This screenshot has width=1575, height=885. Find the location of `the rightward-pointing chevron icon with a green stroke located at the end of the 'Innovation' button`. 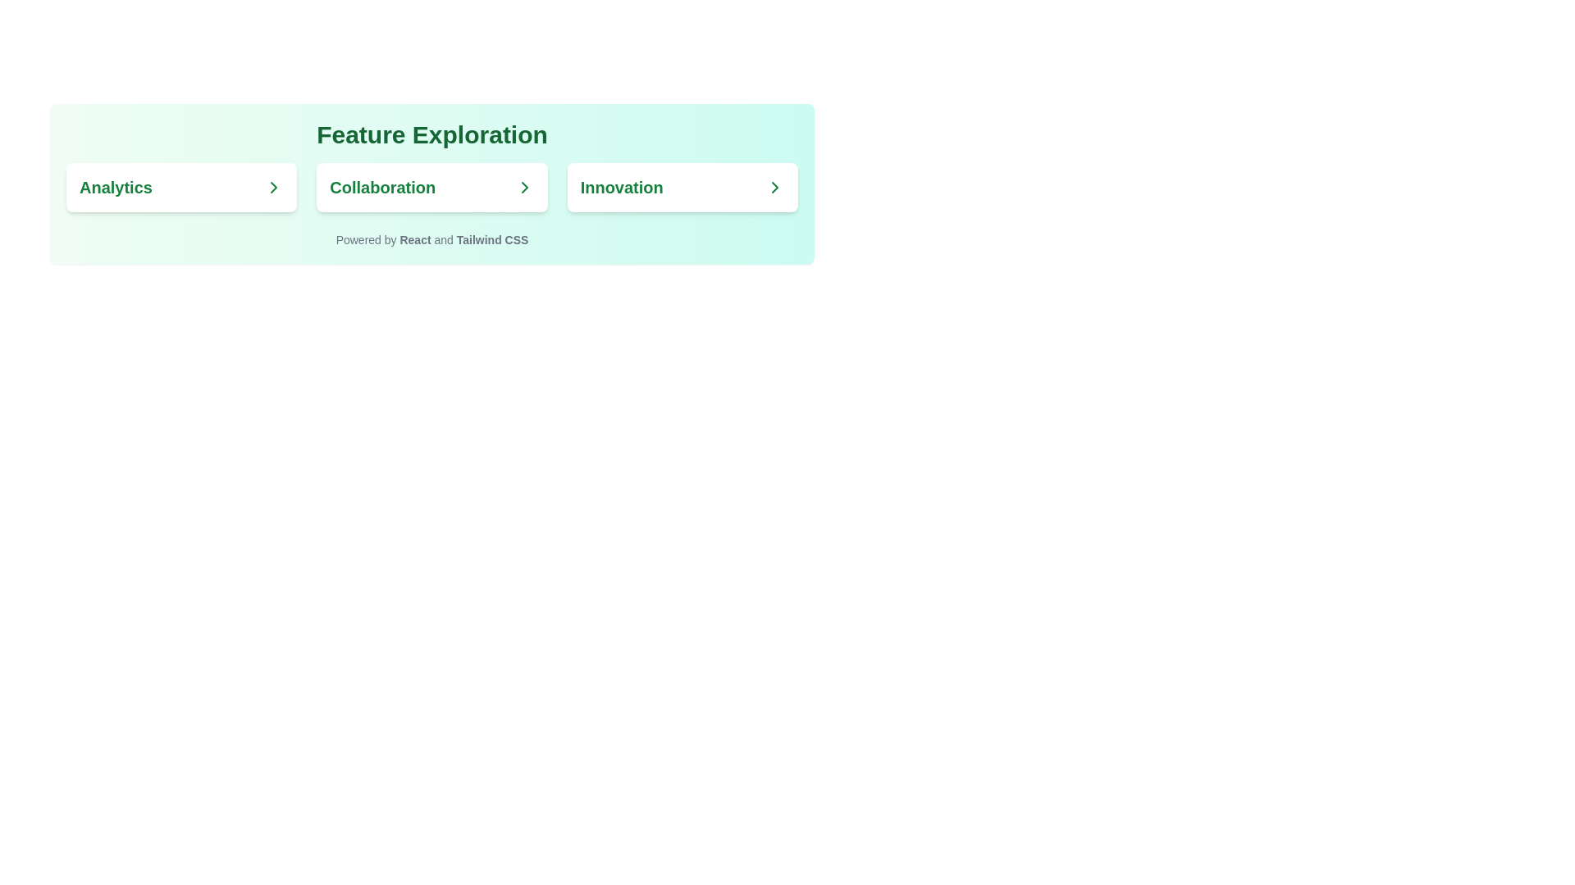

the rightward-pointing chevron icon with a green stroke located at the end of the 'Innovation' button is located at coordinates (774, 186).